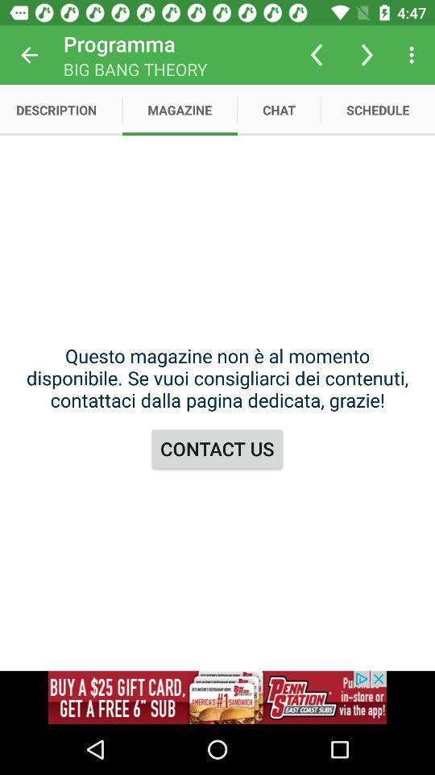 This screenshot has height=775, width=435. Describe the element at coordinates (367, 55) in the screenshot. I see `the second symbol which is left to the menu bar on the top right of the page` at that location.